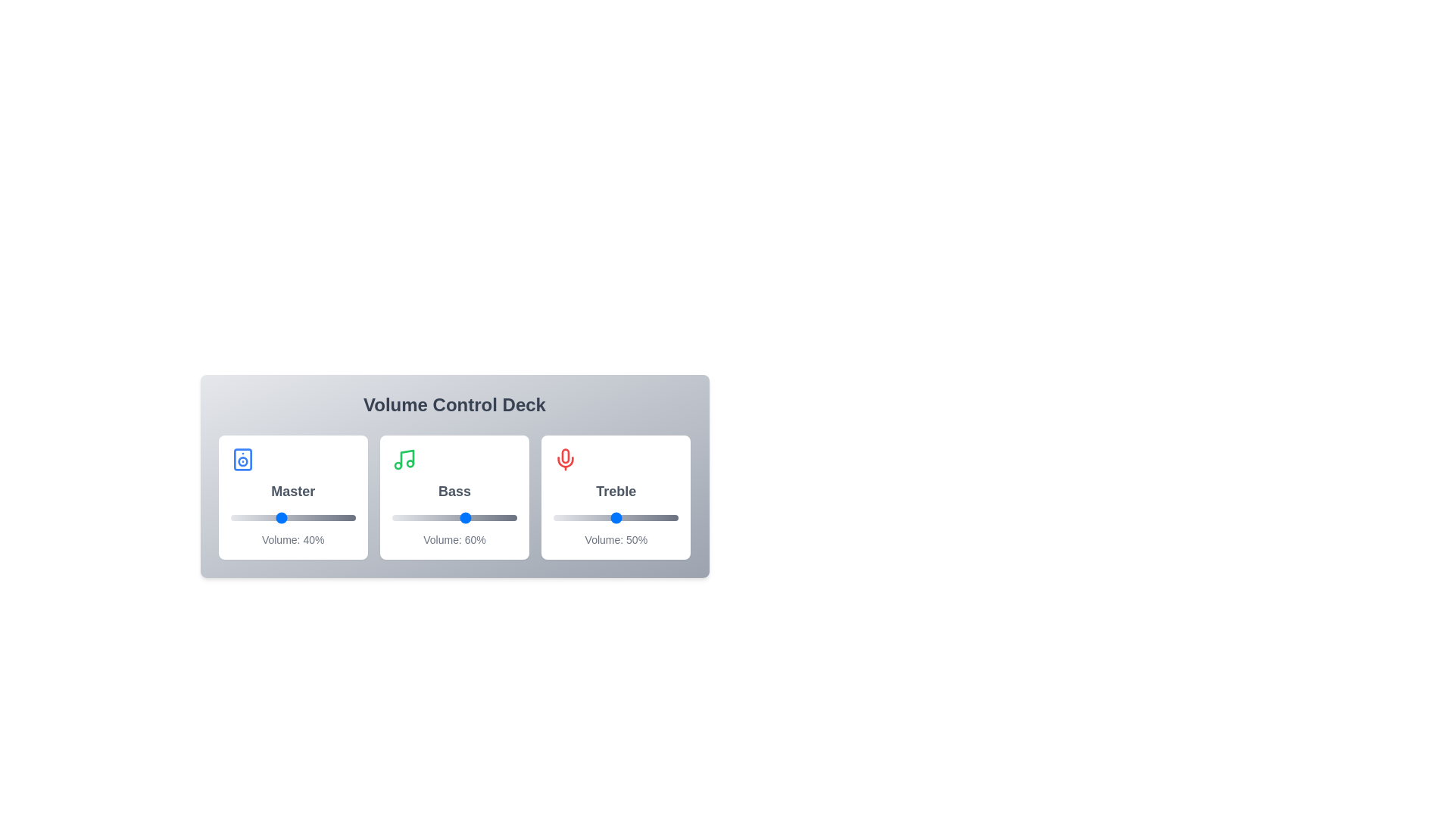  What do you see at coordinates (588, 517) in the screenshot?
I see `the Treble volume slider to 28%` at bounding box center [588, 517].